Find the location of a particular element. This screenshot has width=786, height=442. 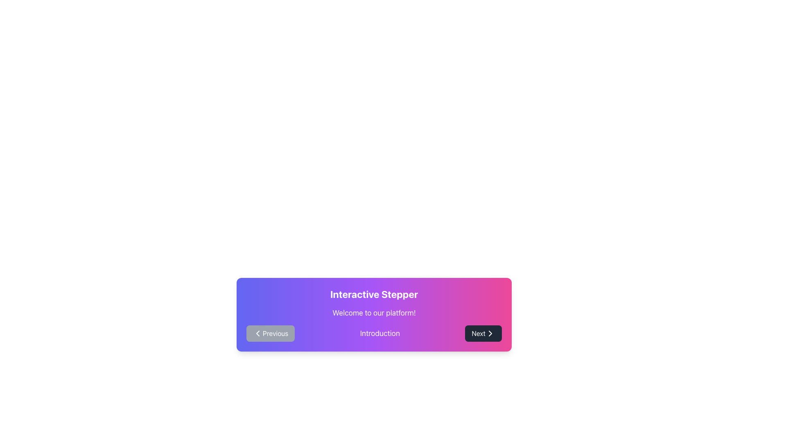

the 'Previous' button located at the bottom left corner of the 'Interactive Stepper' interface, which contains the navigation icon for moving to the previous stage is located at coordinates (257, 333).